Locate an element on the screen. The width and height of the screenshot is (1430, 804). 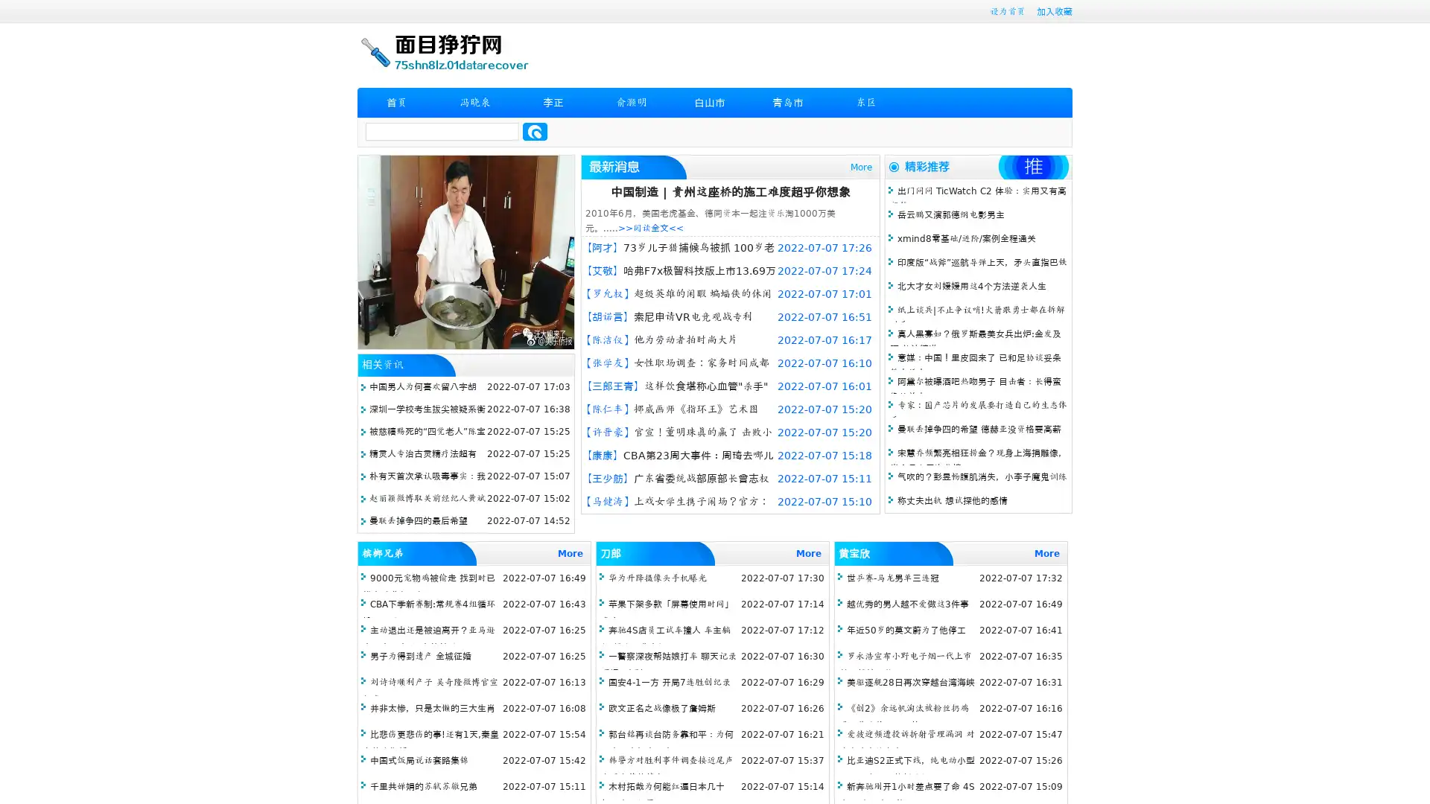
Search is located at coordinates (535, 131).